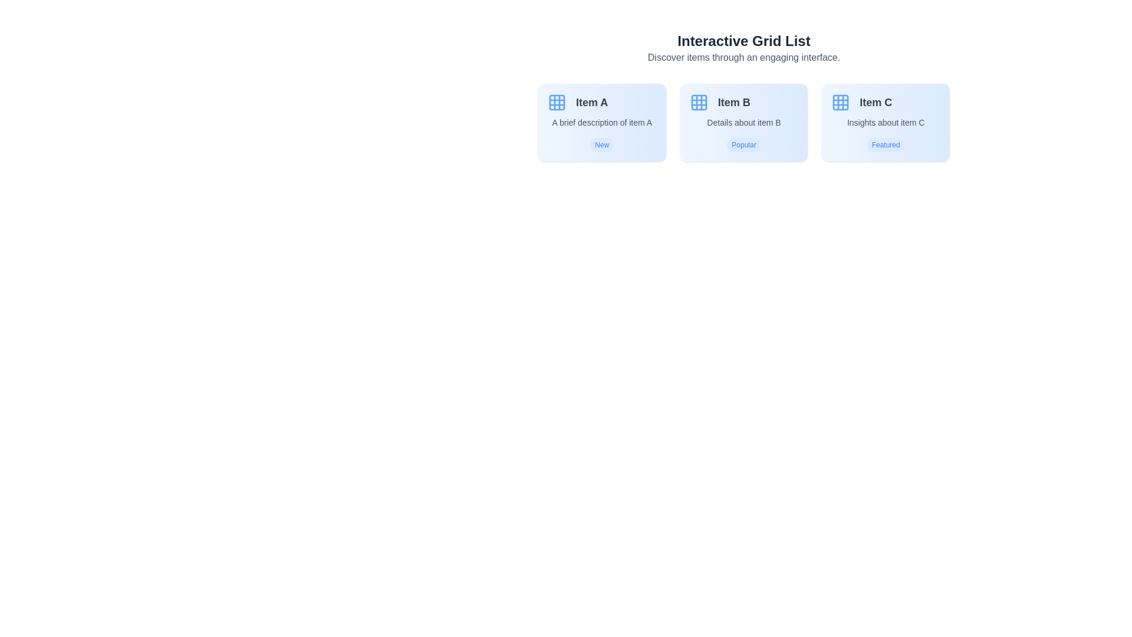 This screenshot has width=1132, height=637. I want to click on the tag associated with Item A to view its details, so click(602, 145).